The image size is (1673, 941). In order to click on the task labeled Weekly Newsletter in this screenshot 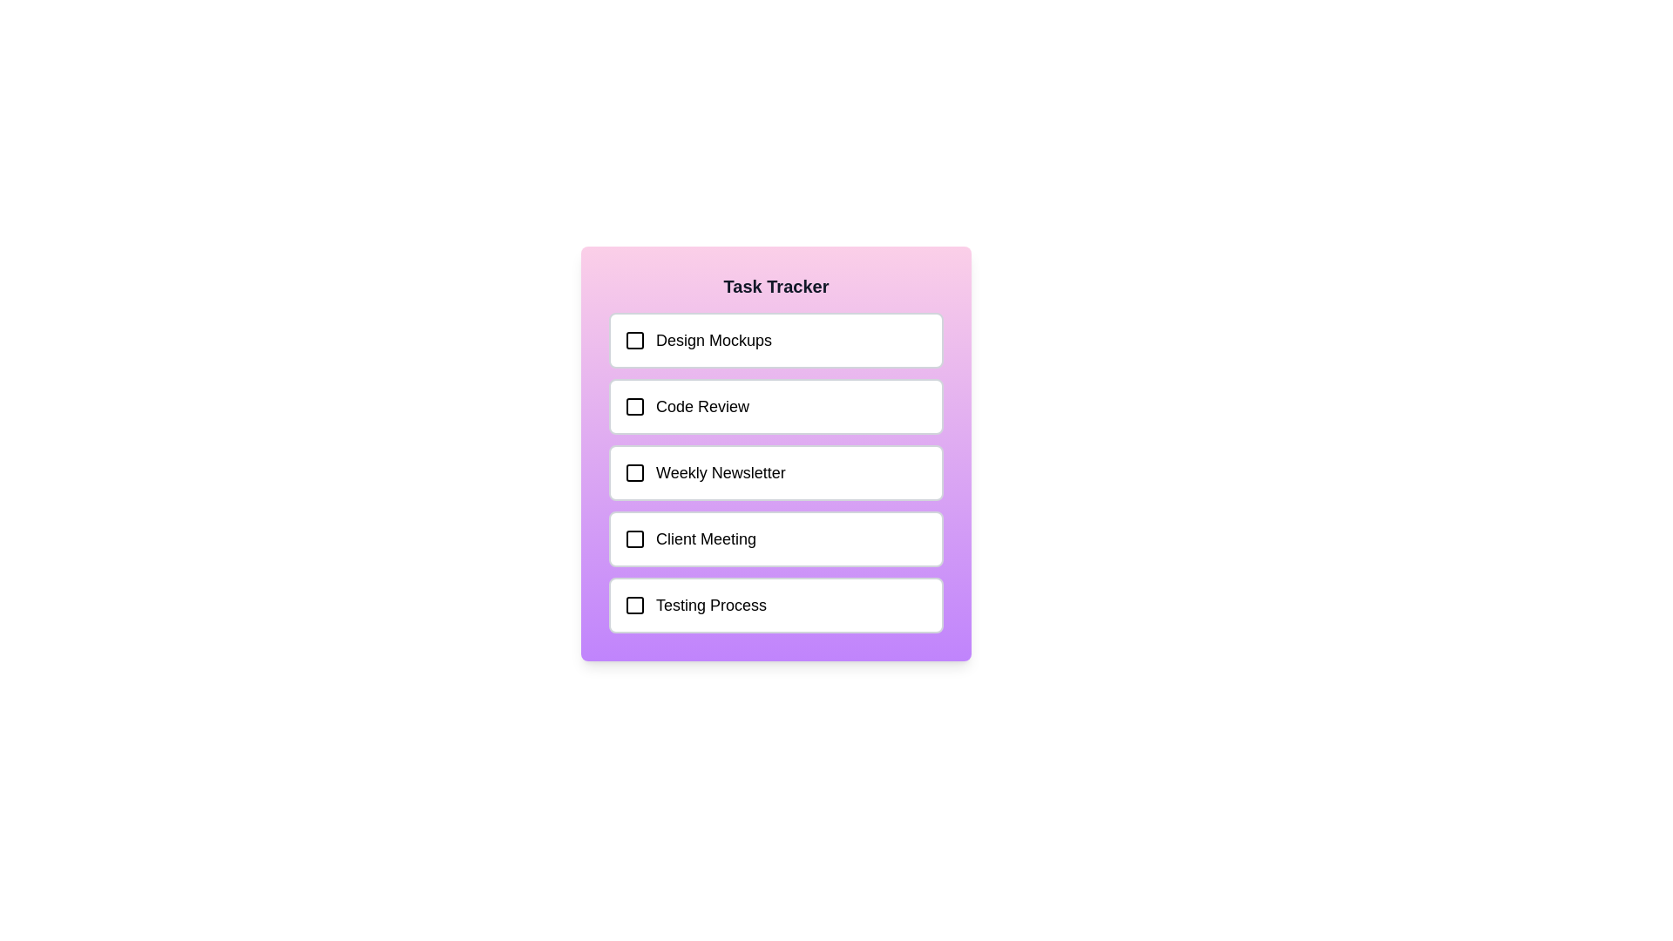, I will do `click(776, 473)`.